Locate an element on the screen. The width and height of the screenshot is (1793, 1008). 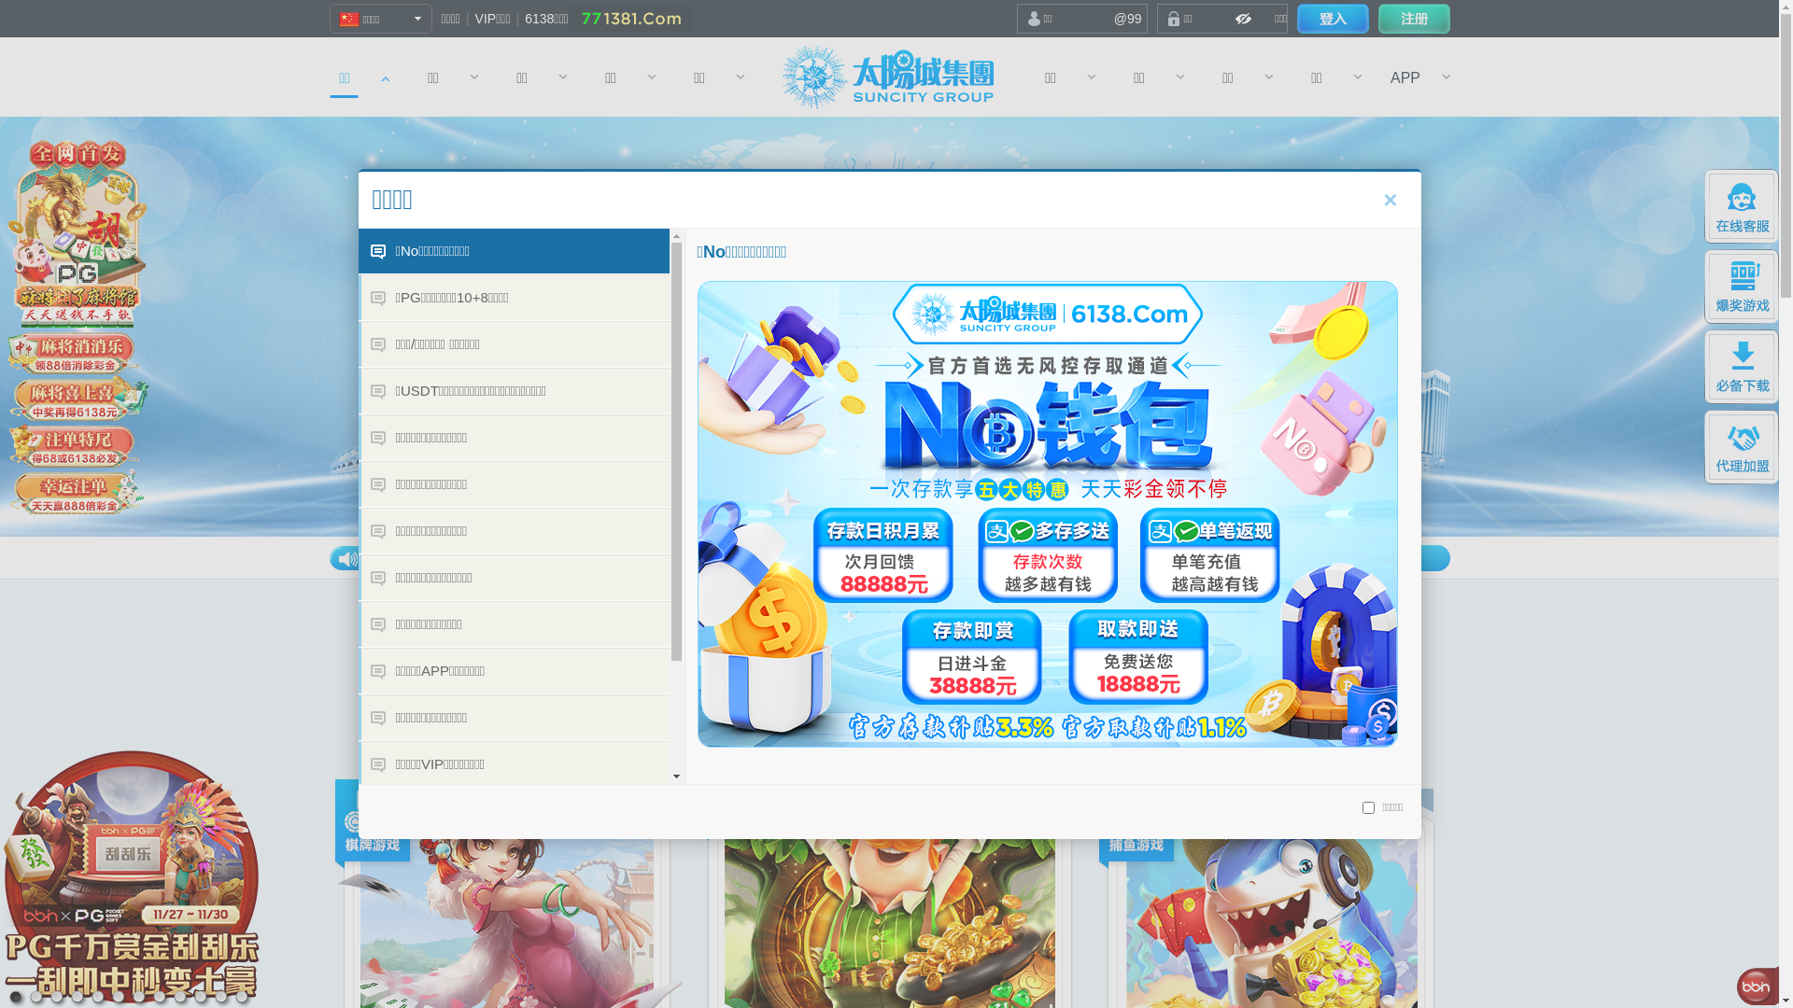
'APP' is located at coordinates (1405, 76).